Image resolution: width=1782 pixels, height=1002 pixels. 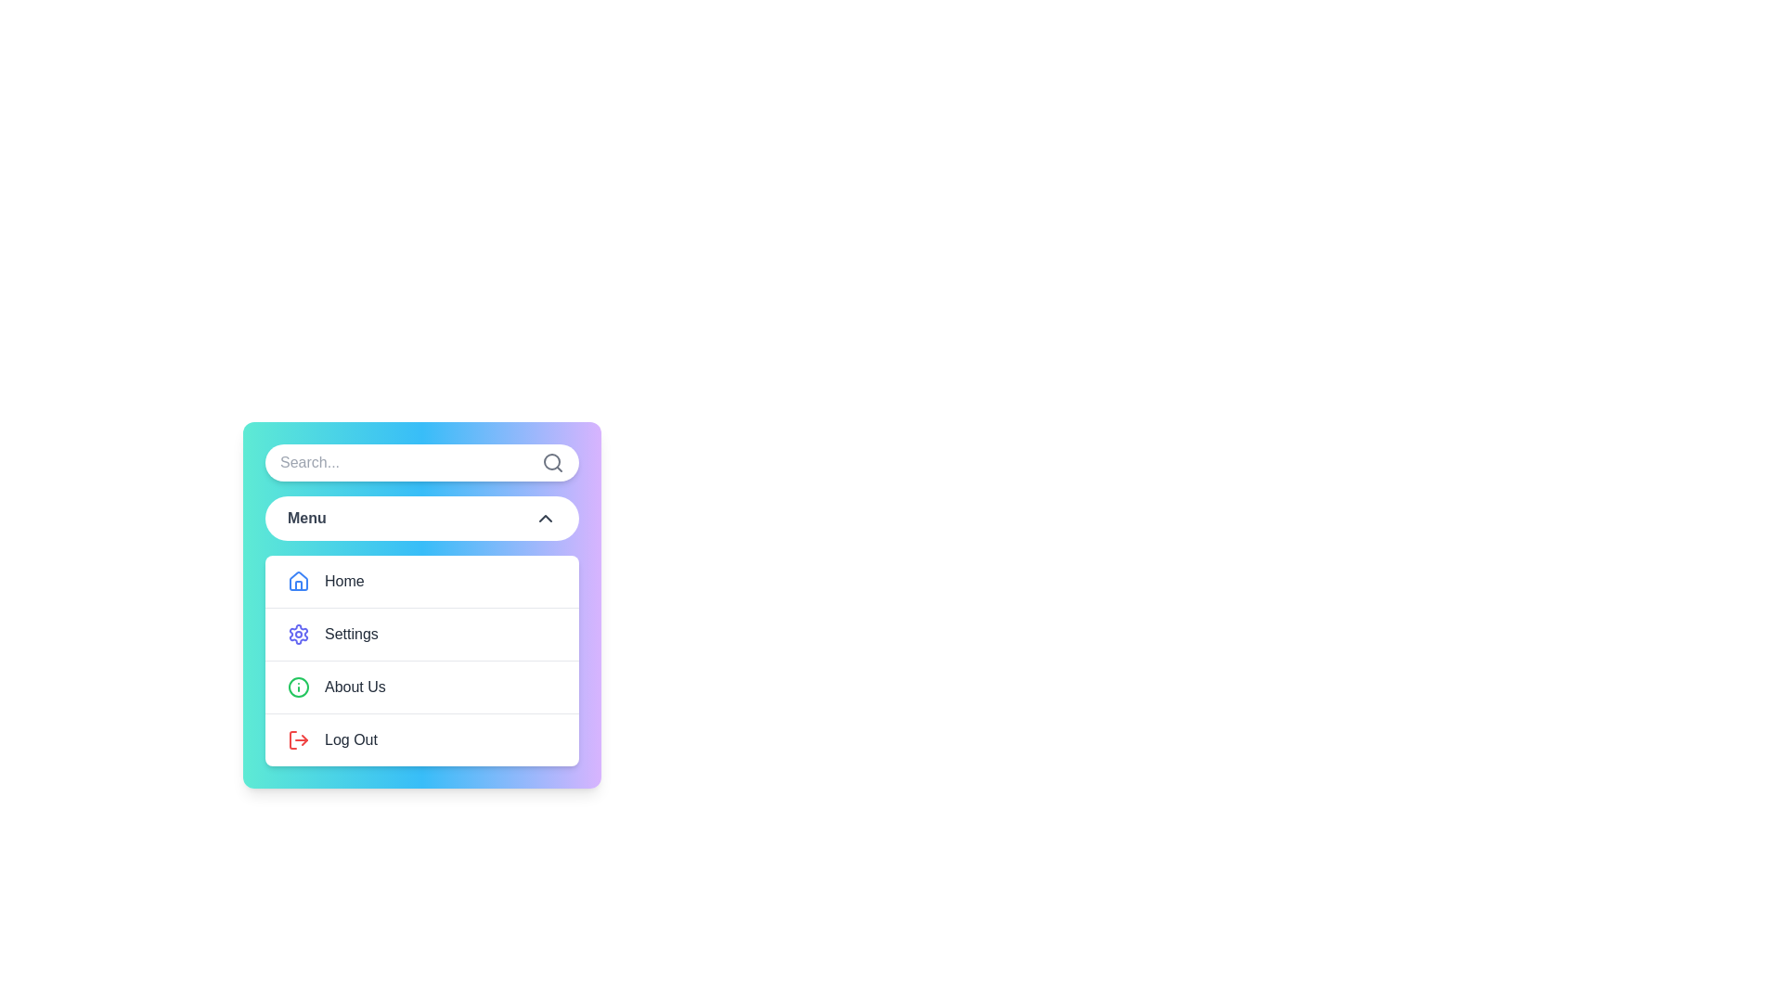 I want to click on the 'Menu' label, which is a bold text in medium-dark gray color, located within a dropdown menu component in the upper section of a vertically structured menu card, so click(x=306, y=519).